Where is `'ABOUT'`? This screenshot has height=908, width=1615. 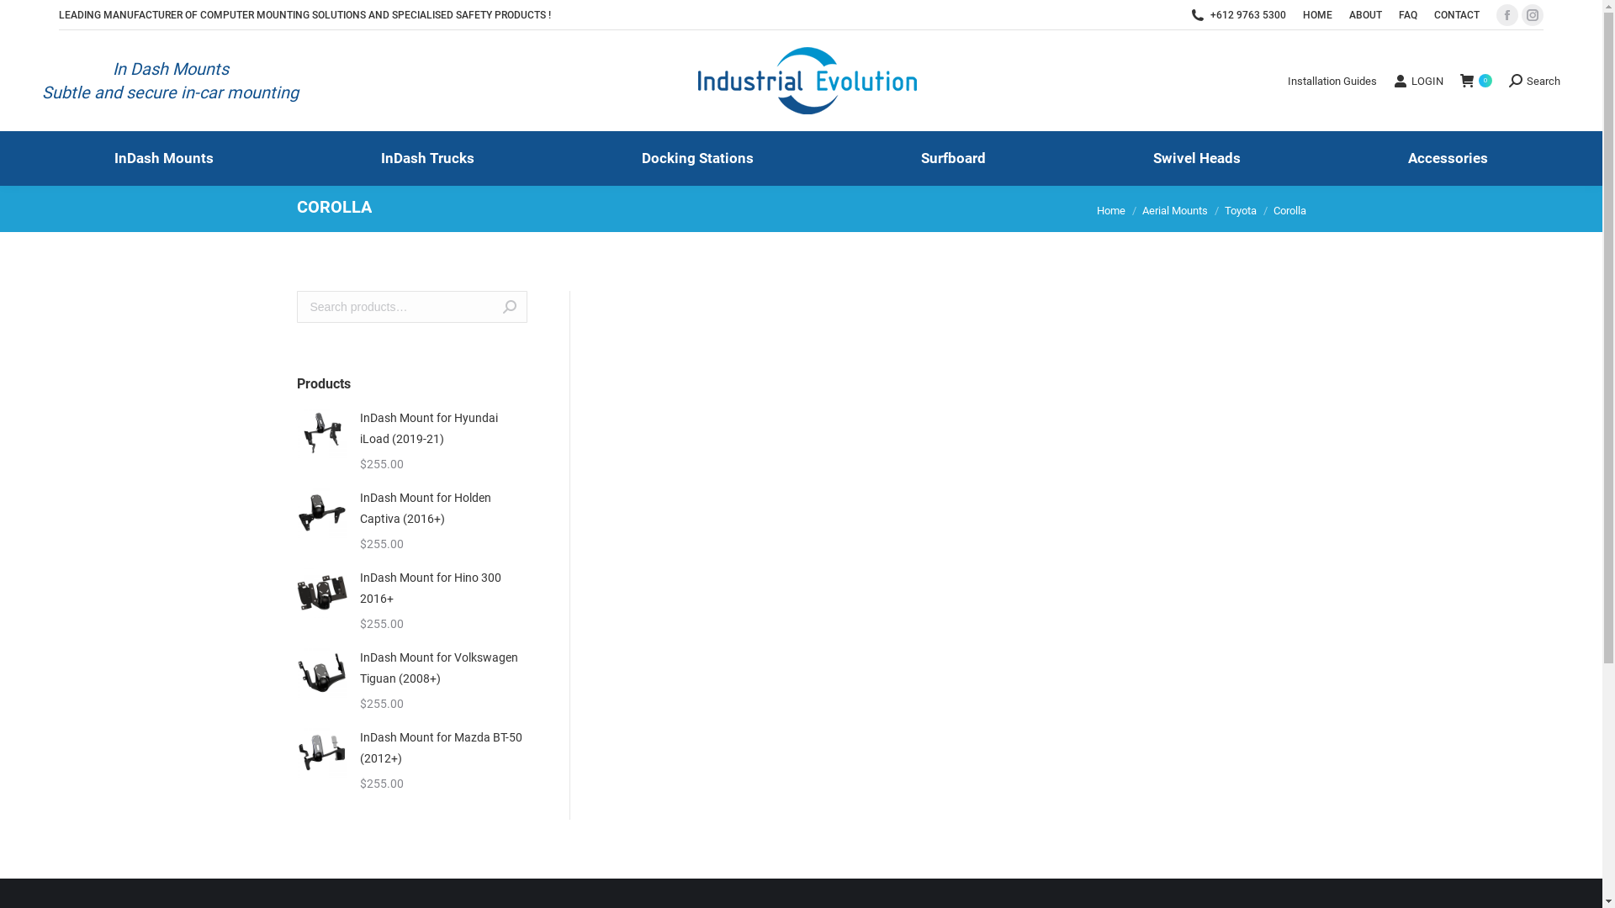
'ABOUT' is located at coordinates (1348, 15).